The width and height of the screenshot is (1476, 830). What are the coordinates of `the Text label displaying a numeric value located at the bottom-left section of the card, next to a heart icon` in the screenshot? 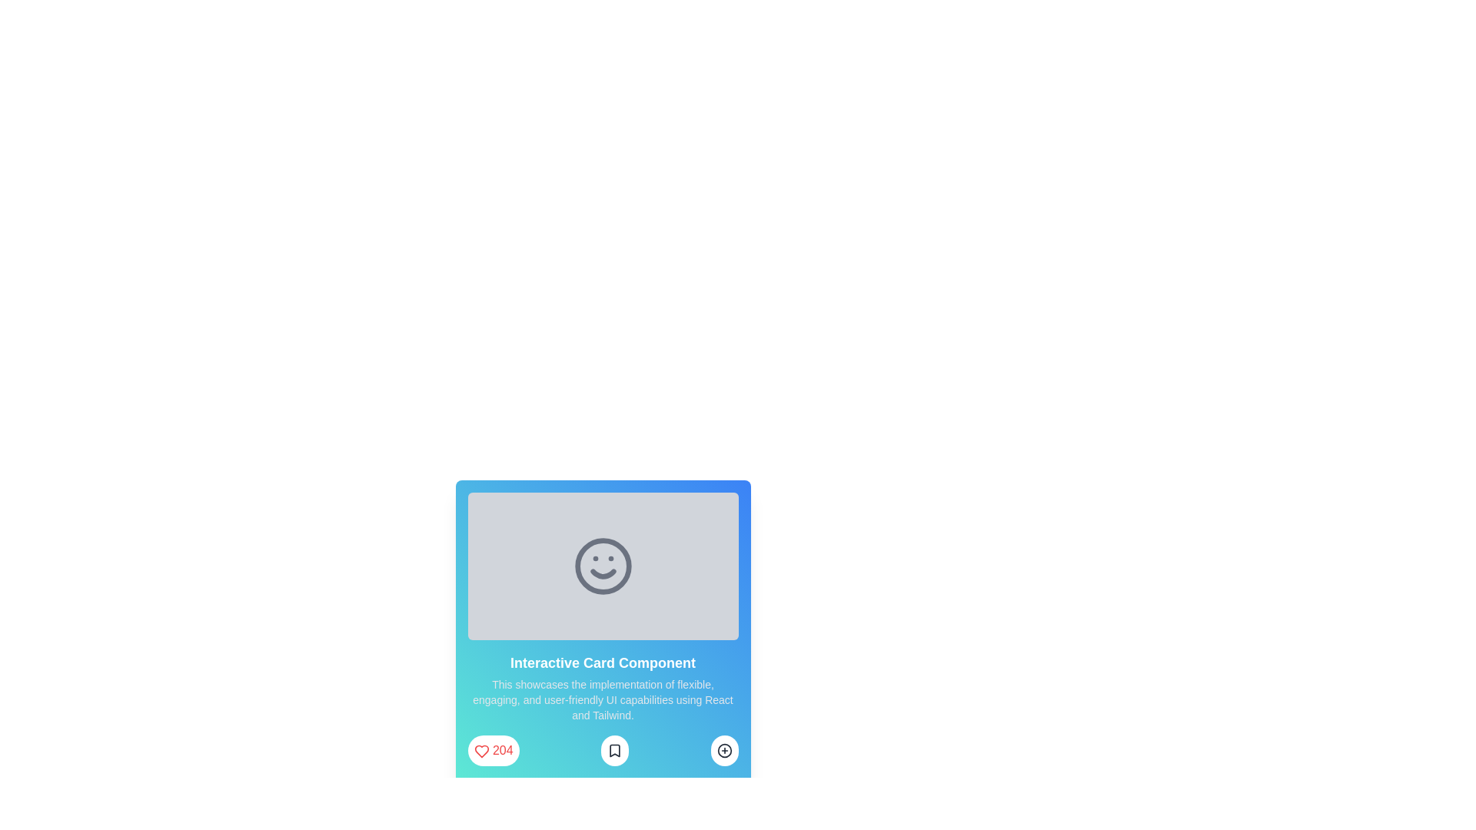 It's located at (503, 749).